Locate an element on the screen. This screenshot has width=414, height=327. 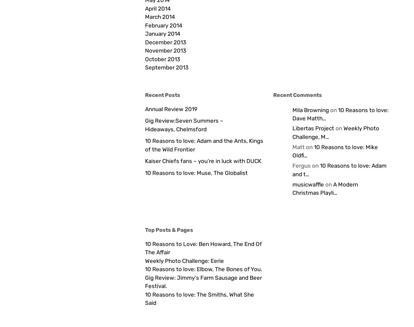
'A Modern Christmas Playli…' is located at coordinates (325, 188).